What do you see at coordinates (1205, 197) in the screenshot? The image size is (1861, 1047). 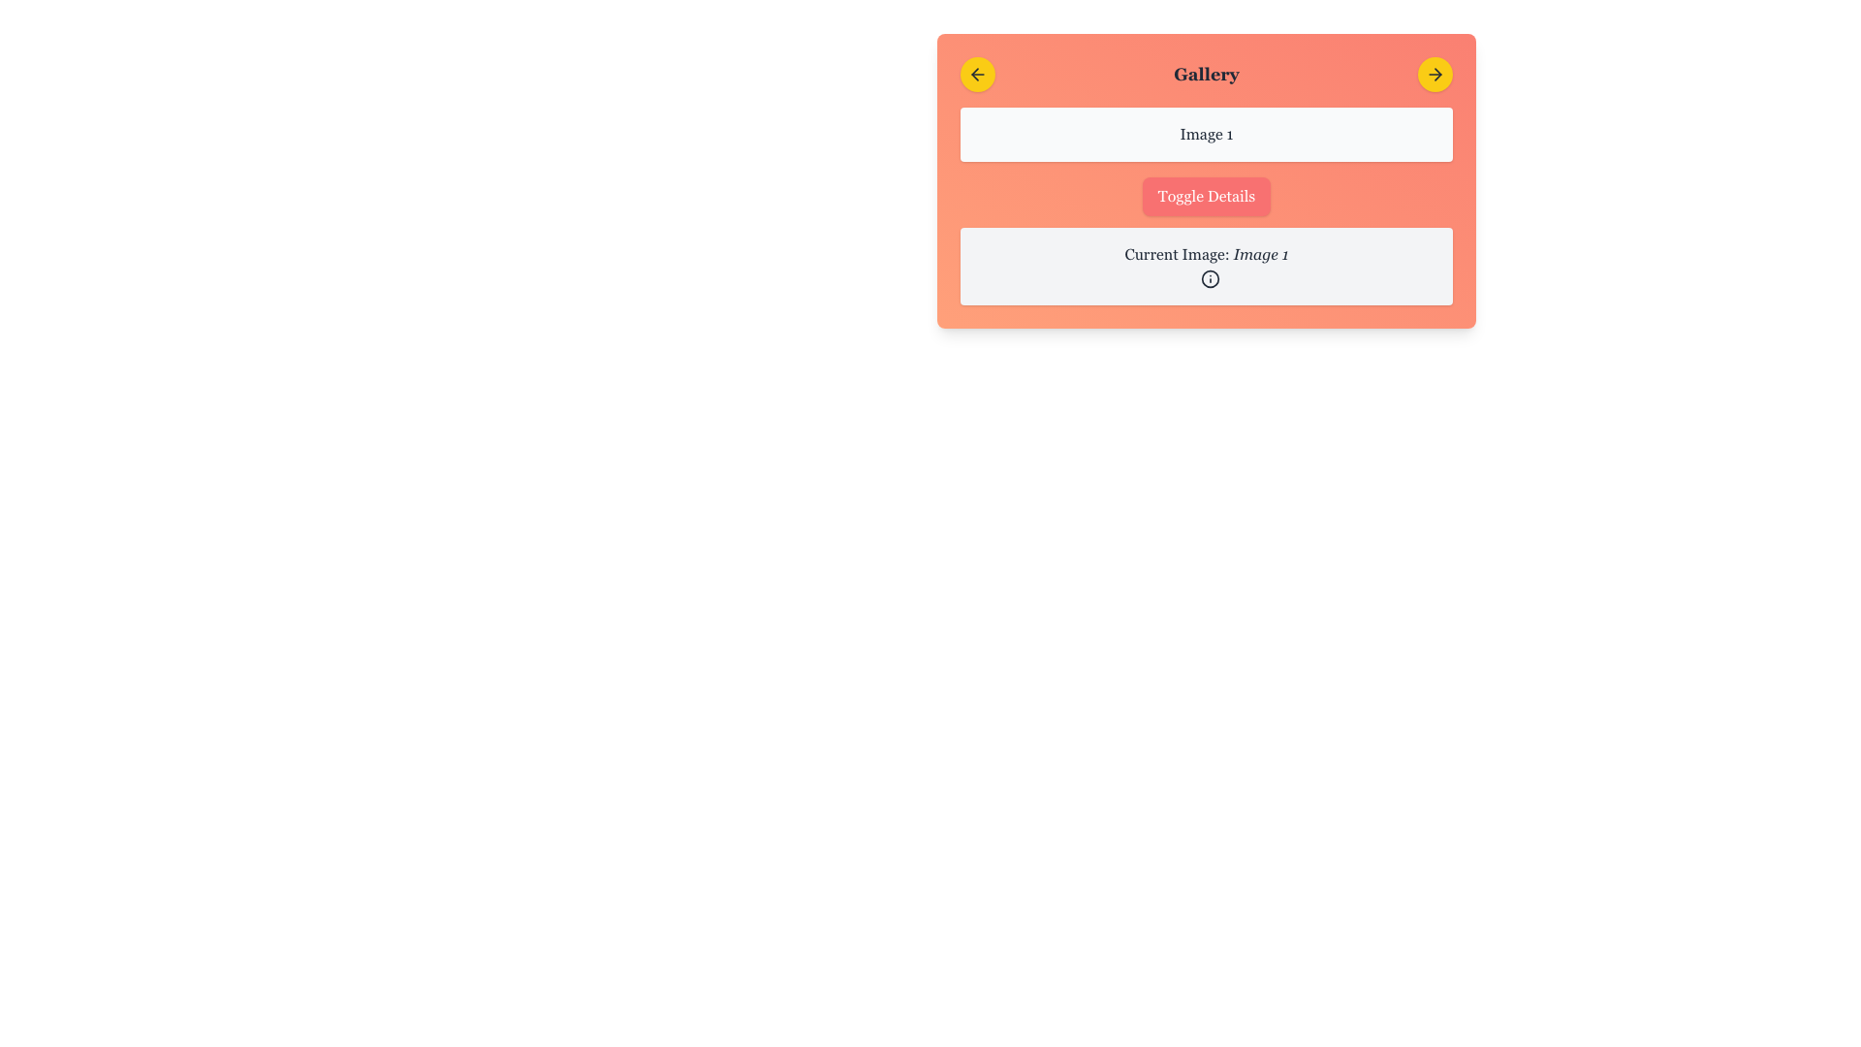 I see `the button located centrally below the label 'Image 1' and above the section labeled 'Current Image: Image 1'` at bounding box center [1205, 197].